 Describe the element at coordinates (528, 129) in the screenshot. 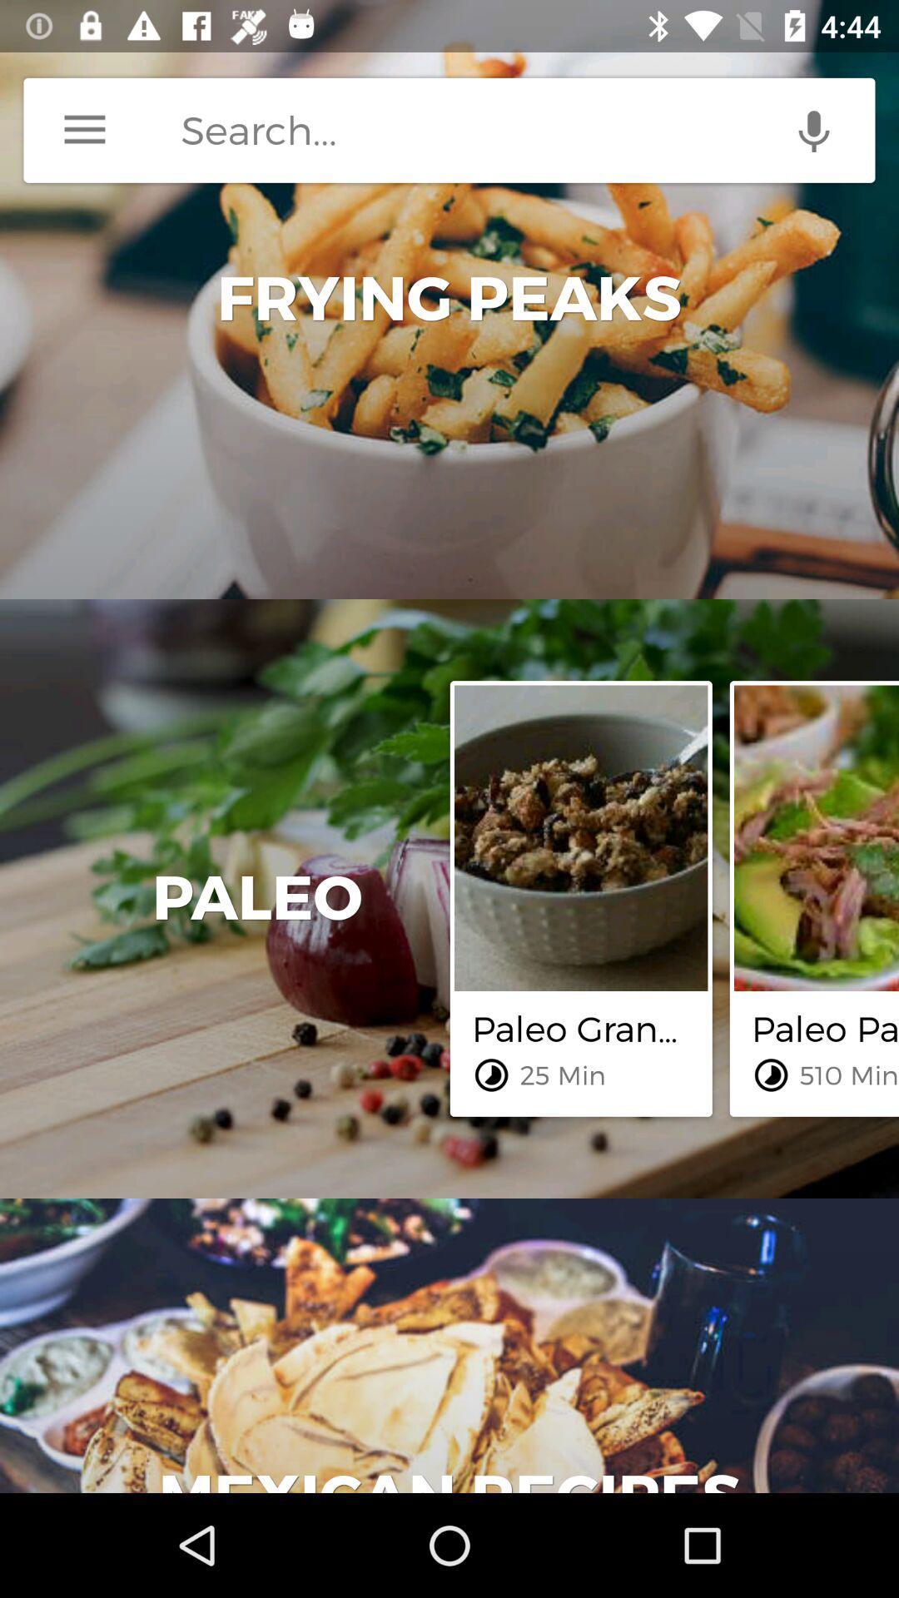

I see `search space` at that location.